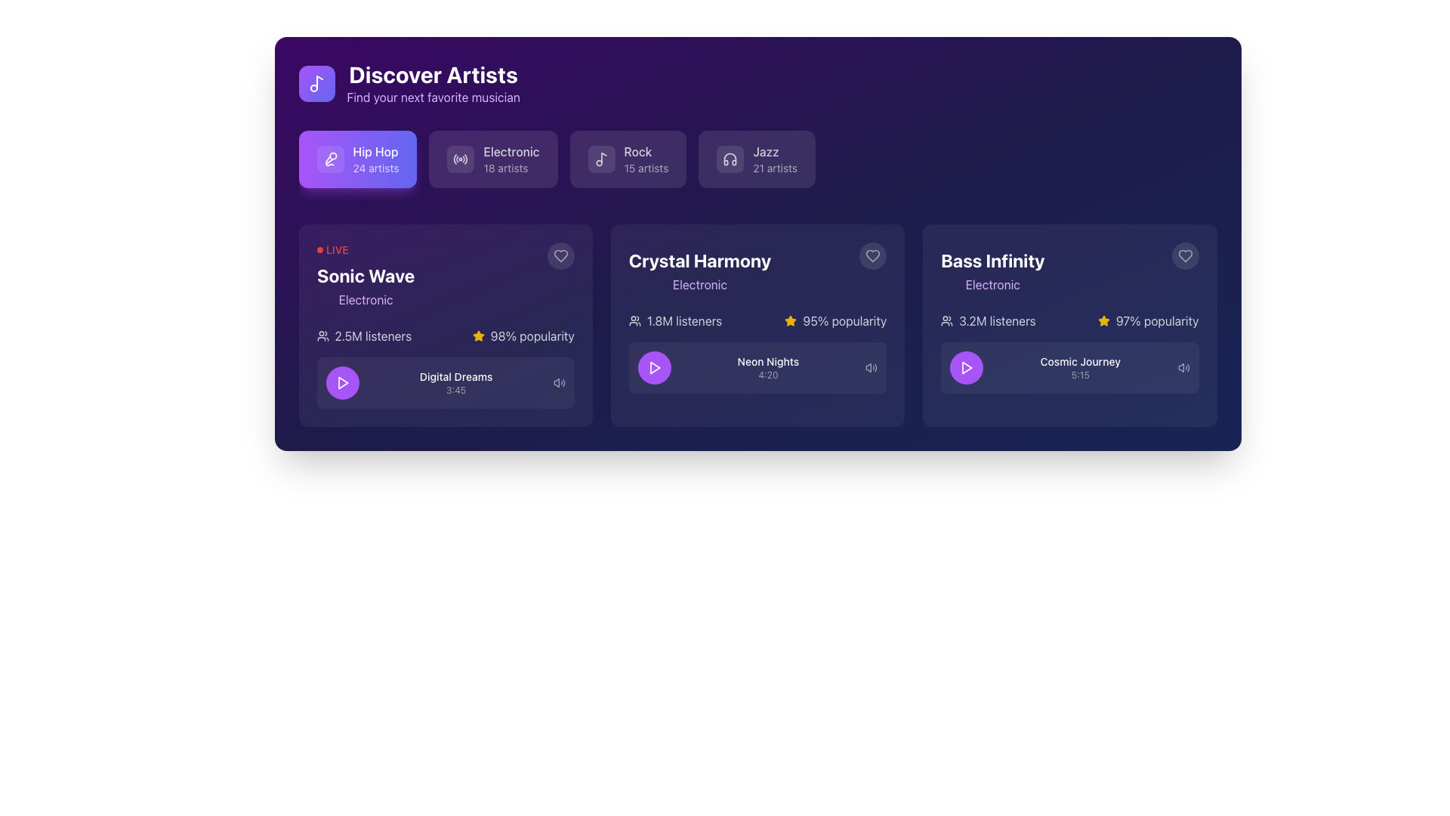  I want to click on the circular button with a purple background and a white triangular play icon located in the 'Digital Dreams 3:45' section of the 'Sonic Wave' card, so click(341, 382).